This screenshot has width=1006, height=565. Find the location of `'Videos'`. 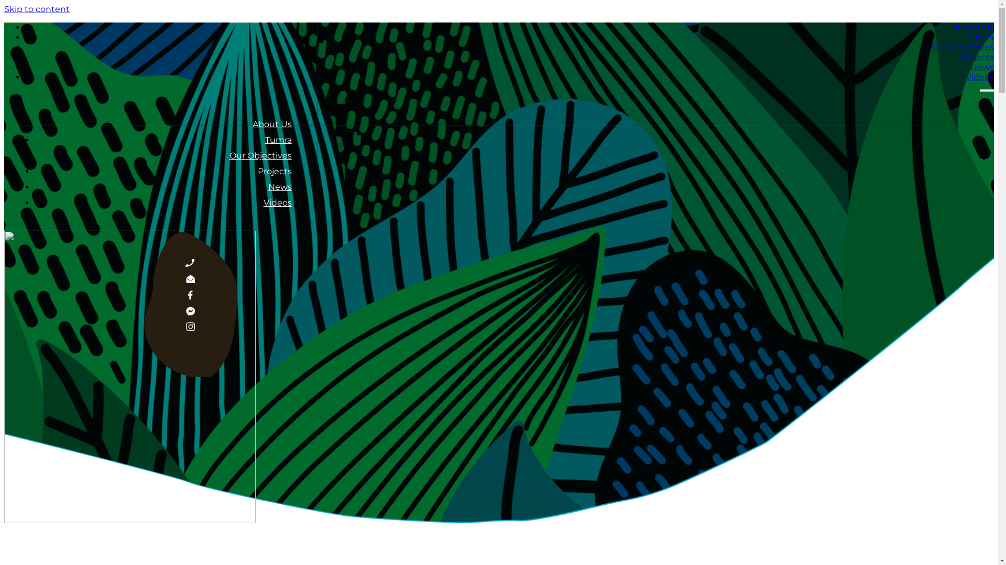

'Videos' is located at coordinates (979, 76).